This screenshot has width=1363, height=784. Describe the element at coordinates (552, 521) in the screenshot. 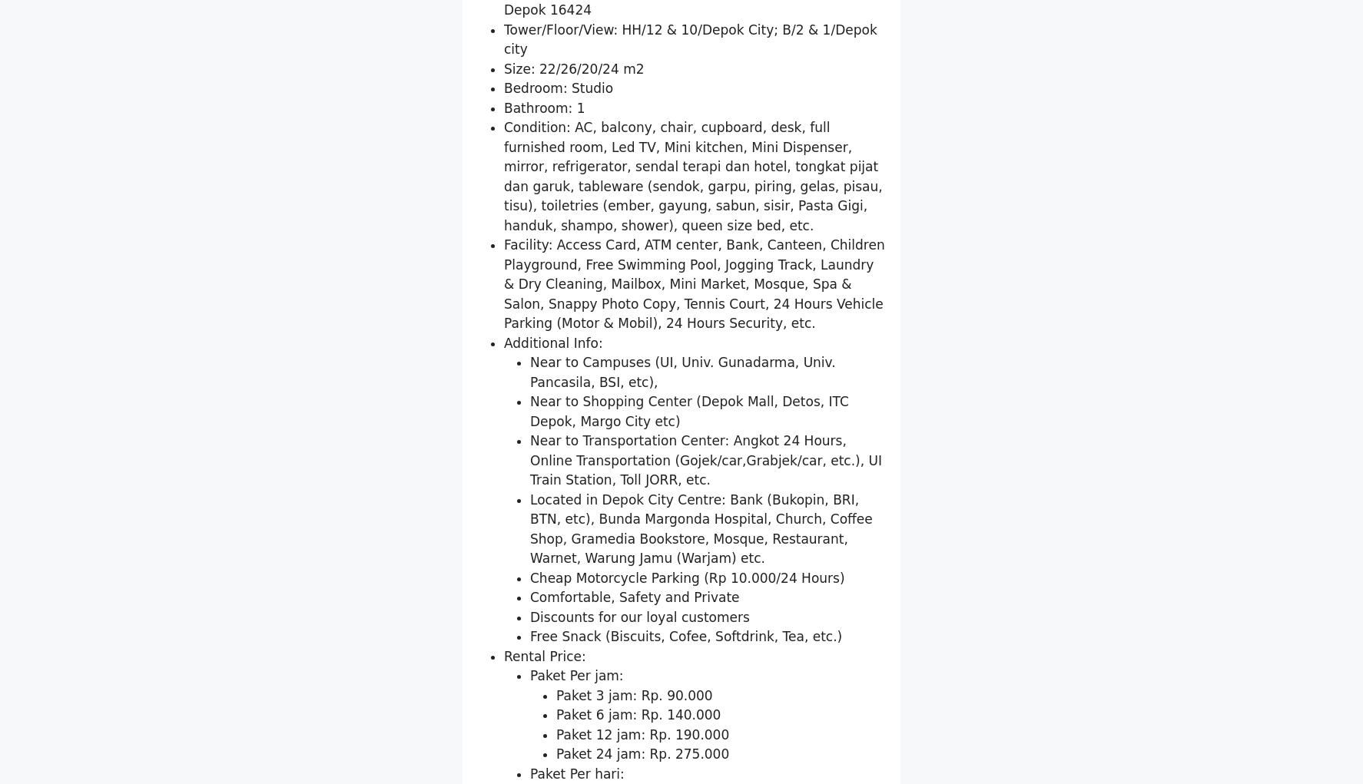

I see `'Additional Info:'` at that location.